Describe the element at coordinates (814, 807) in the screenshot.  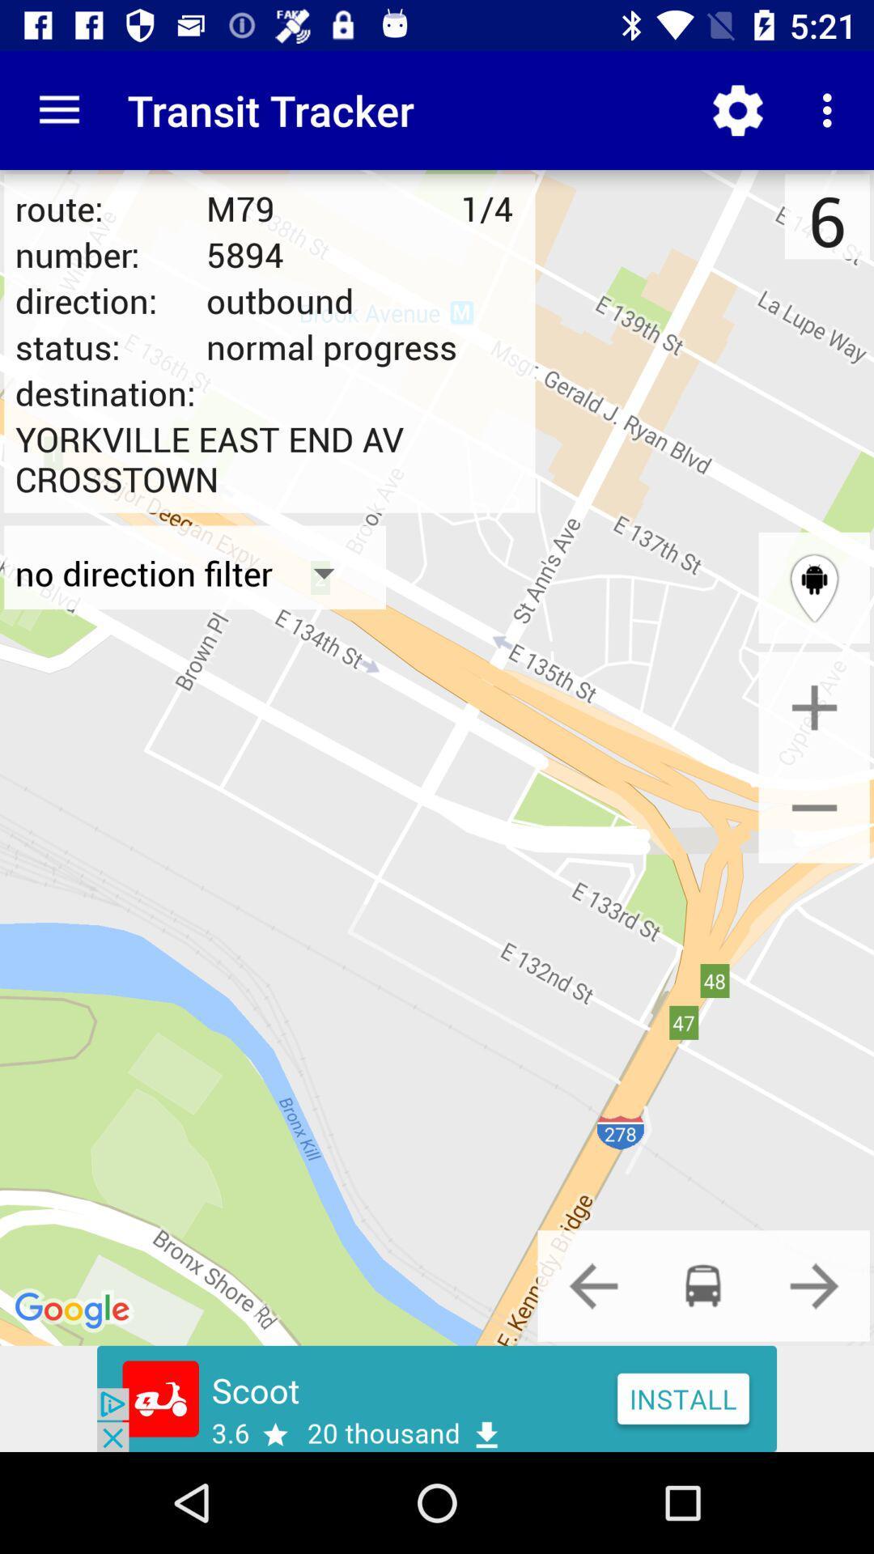
I see `the minus icon` at that location.